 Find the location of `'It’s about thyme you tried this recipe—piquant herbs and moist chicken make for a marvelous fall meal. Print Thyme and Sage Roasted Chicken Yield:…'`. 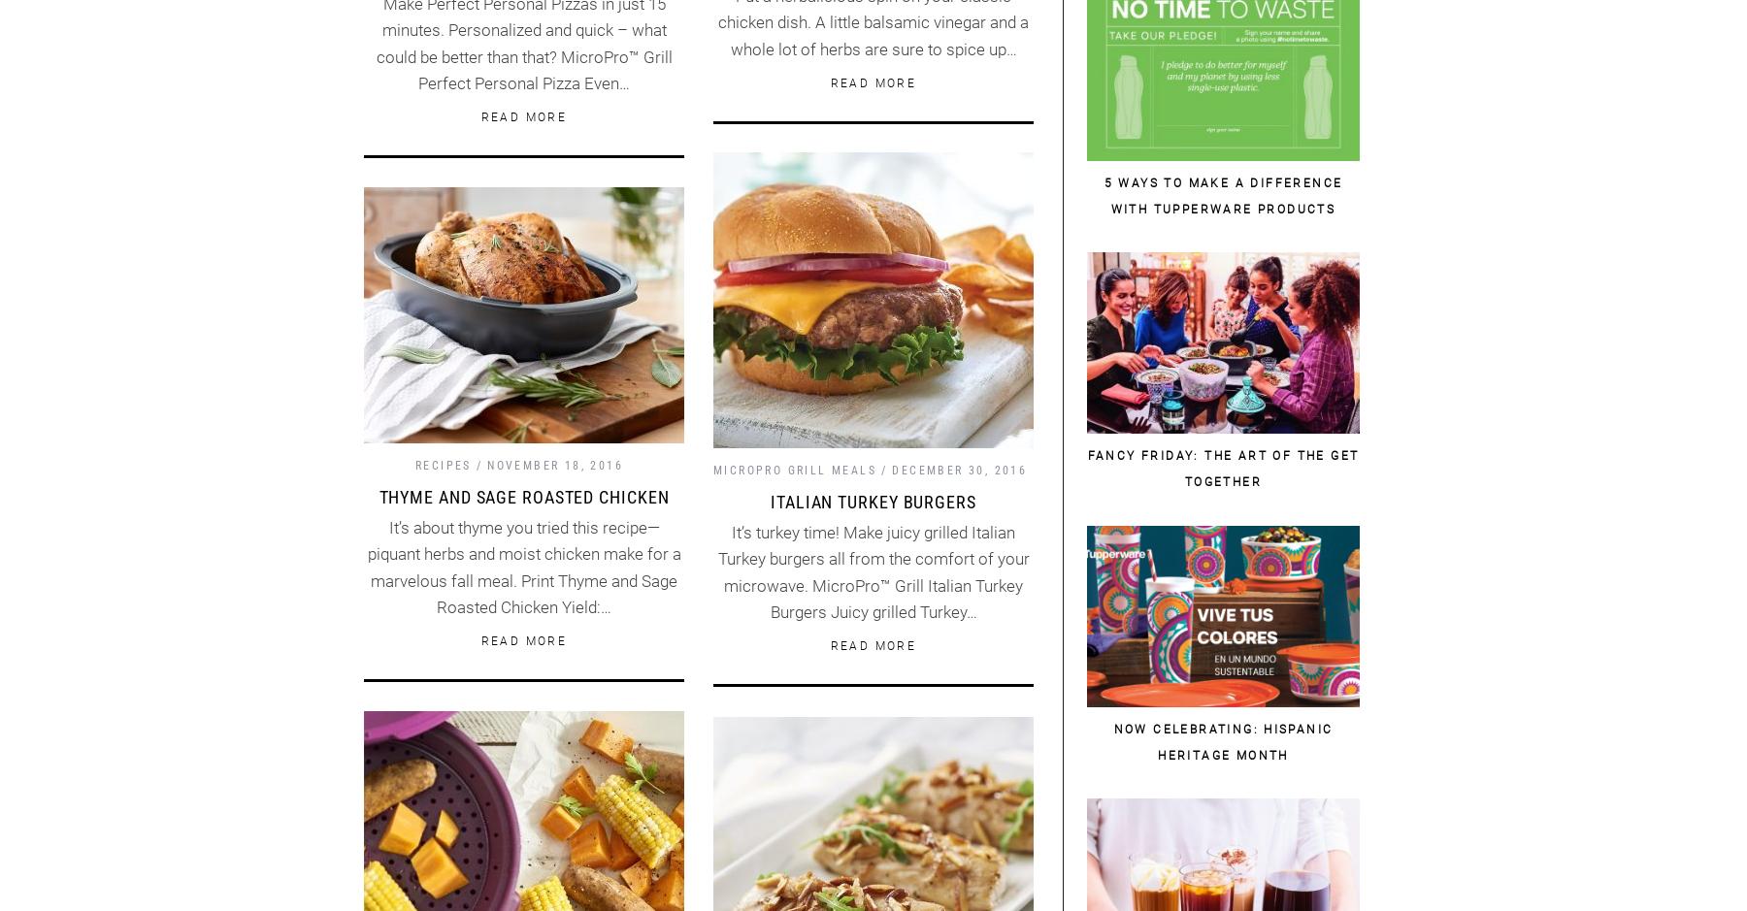

'It’s about thyme you tried this recipe—piquant herbs and moist chicken make for a marvelous fall meal. Print Thyme and Sage Roasted Chicken Yield:…' is located at coordinates (522, 567).